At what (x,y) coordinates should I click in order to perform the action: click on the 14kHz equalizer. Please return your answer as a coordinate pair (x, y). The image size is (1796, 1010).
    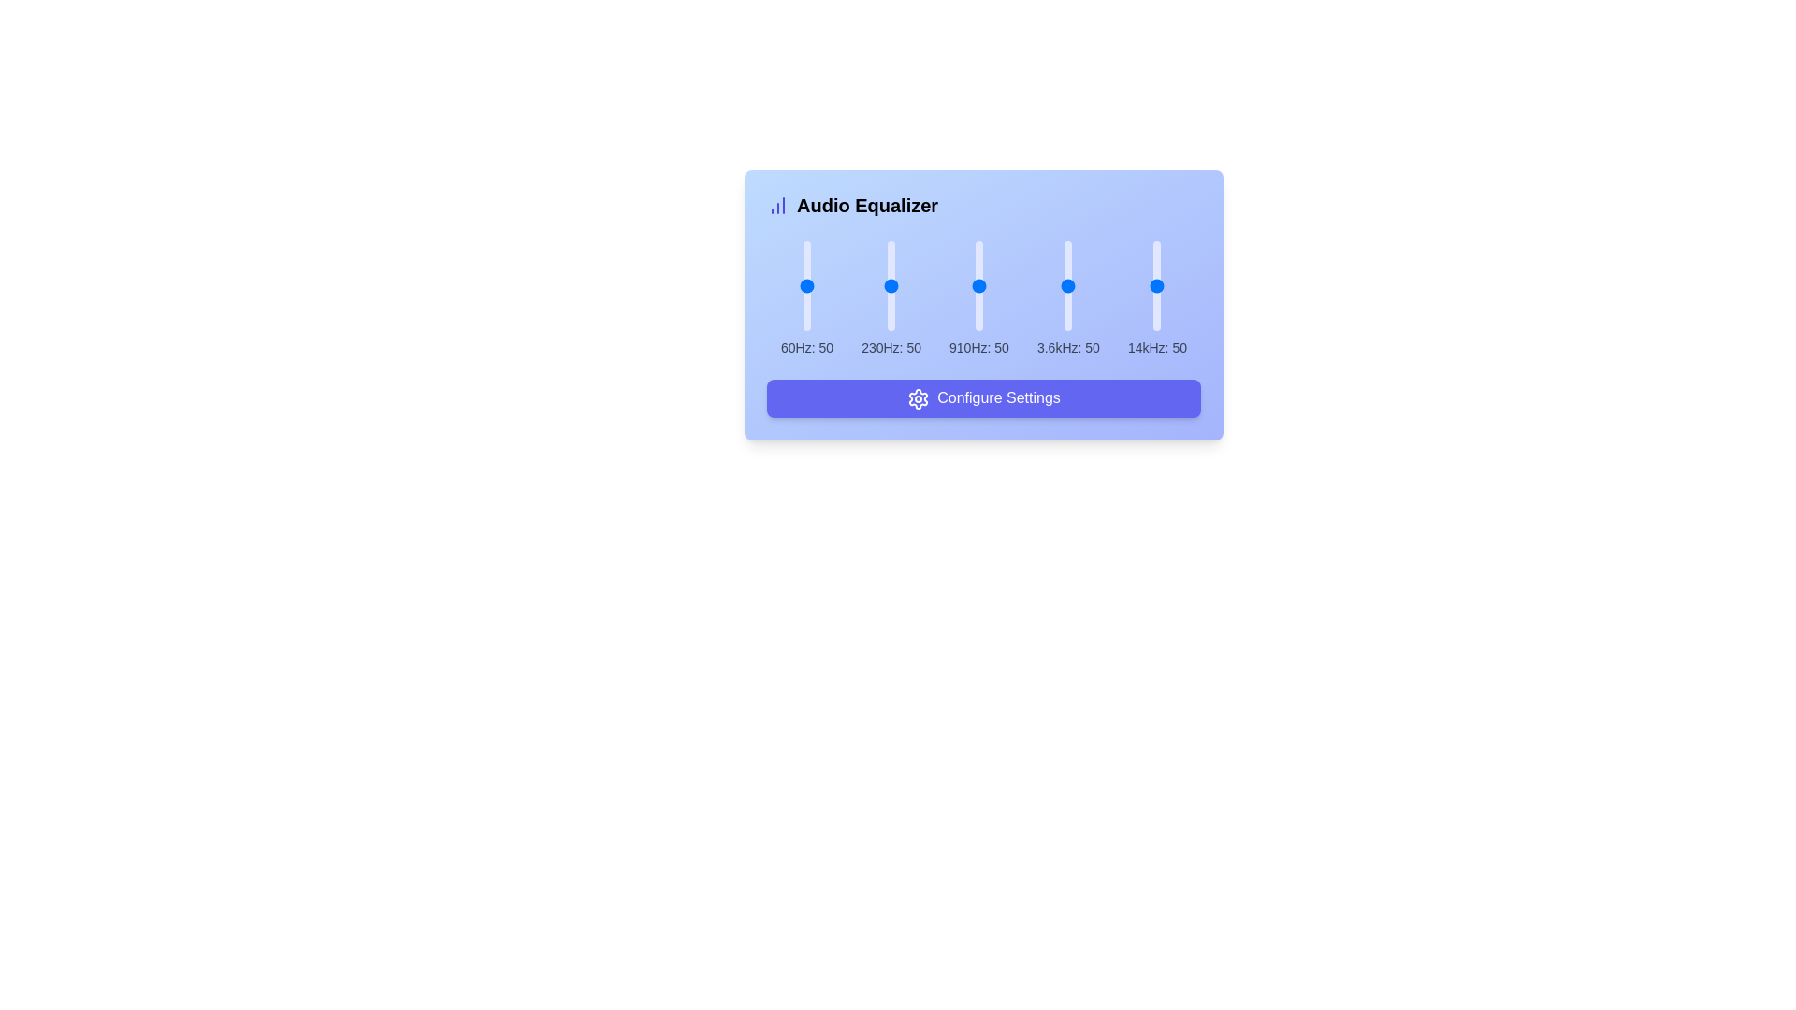
    Looking at the image, I should click on (1156, 241).